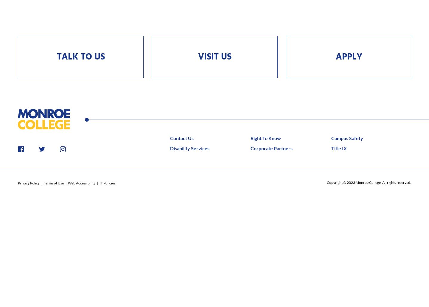 This screenshot has height=307, width=429. Describe the element at coordinates (68, 183) in the screenshot. I see `'Web Accessibility'` at that location.